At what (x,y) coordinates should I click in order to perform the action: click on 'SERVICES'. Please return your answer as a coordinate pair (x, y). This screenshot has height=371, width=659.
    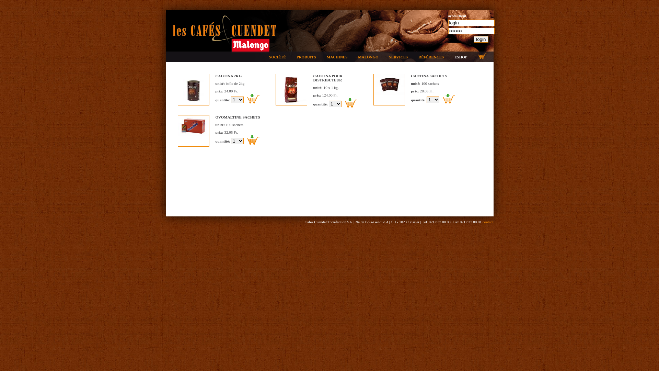
    Looking at the image, I should click on (398, 56).